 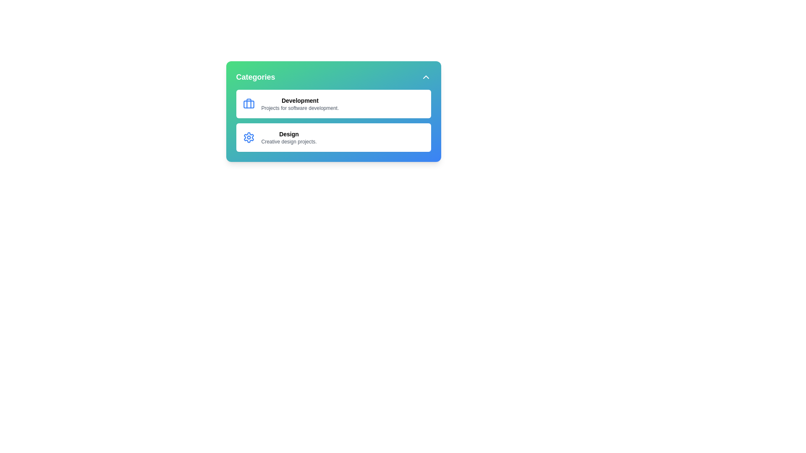 I want to click on the category Design to view additional visual feedback, so click(x=333, y=137).